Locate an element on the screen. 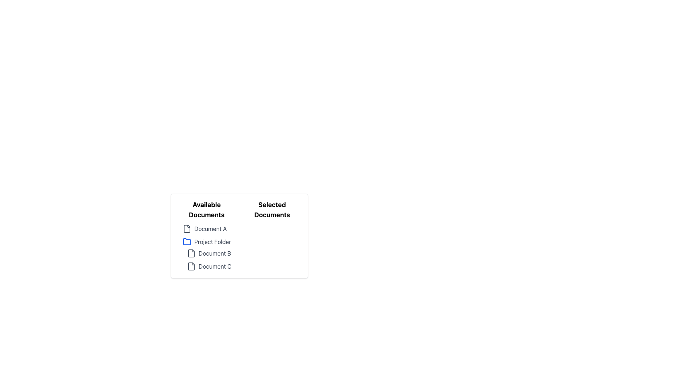  the text label 'Project Folder' which is the second item in the 'Available Documents' section, positioned to the right of the blue folder icon is located at coordinates (212, 241).